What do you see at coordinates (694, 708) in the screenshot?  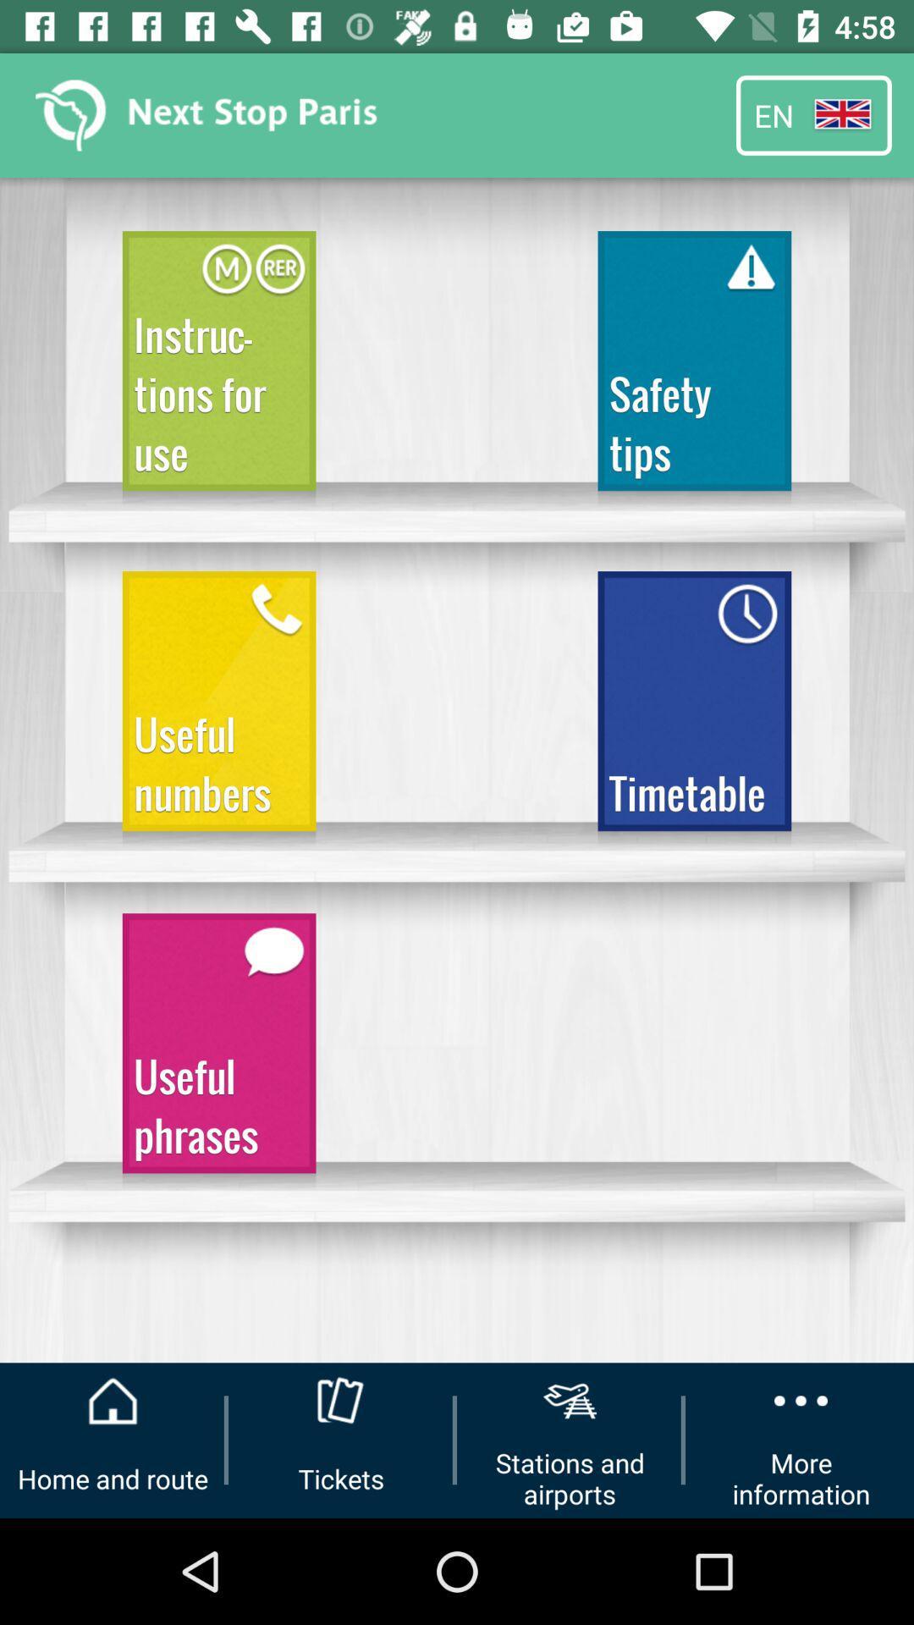 I see `timetable icon` at bounding box center [694, 708].